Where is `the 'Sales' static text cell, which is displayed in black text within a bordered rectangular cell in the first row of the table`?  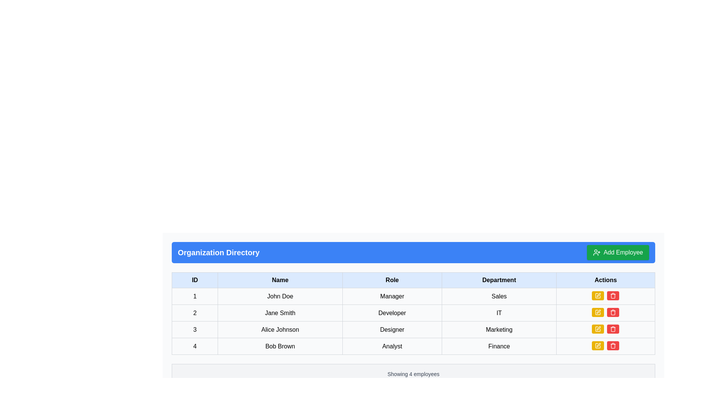
the 'Sales' static text cell, which is displayed in black text within a bordered rectangular cell in the first row of the table is located at coordinates (499, 296).